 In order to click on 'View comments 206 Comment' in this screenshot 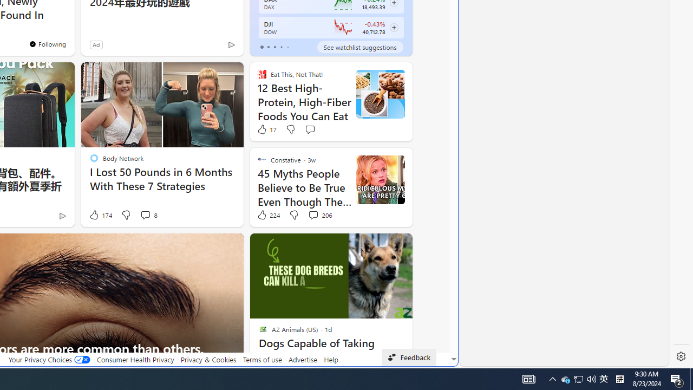, I will do `click(312, 215)`.